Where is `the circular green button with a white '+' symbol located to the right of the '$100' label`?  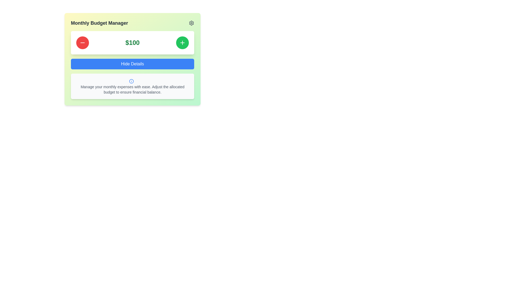 the circular green button with a white '+' symbol located to the right of the '$100' label is located at coordinates (182, 43).